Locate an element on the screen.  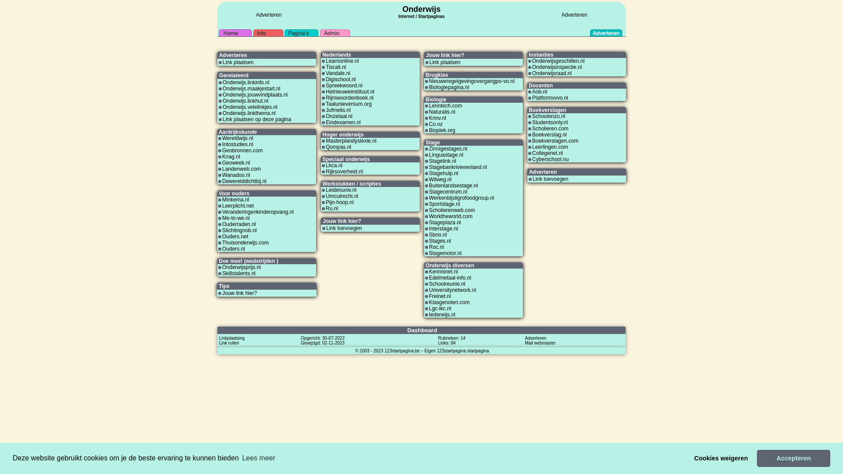
'Dewerelddichtbij.nl' is located at coordinates (244, 180).